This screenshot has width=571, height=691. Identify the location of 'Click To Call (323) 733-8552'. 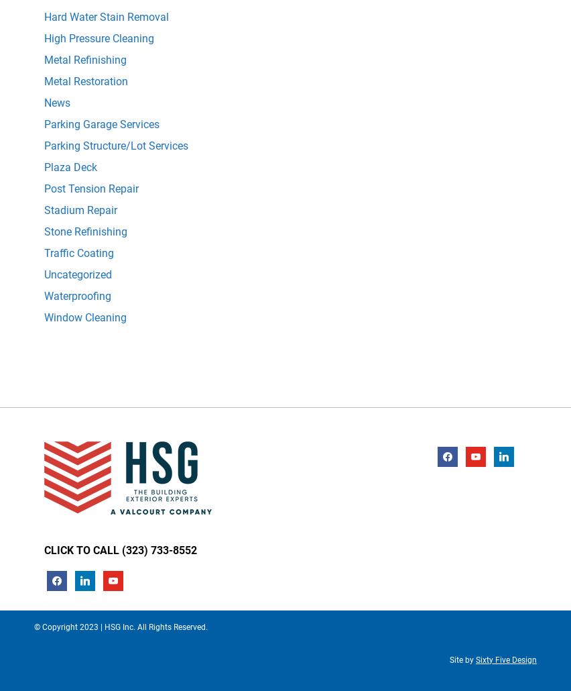
(121, 549).